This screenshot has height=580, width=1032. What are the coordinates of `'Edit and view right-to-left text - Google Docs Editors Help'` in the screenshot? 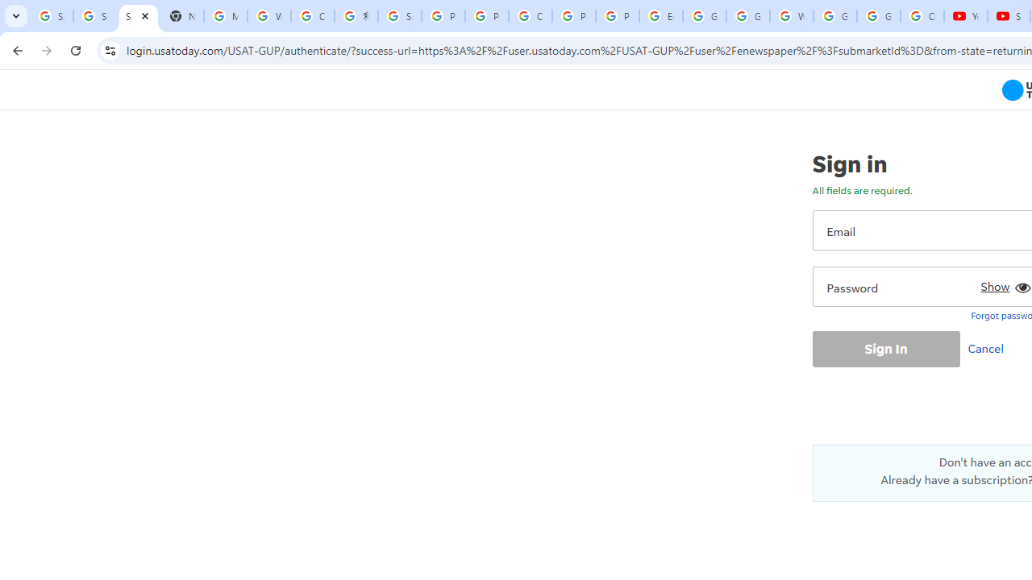 It's located at (660, 16).